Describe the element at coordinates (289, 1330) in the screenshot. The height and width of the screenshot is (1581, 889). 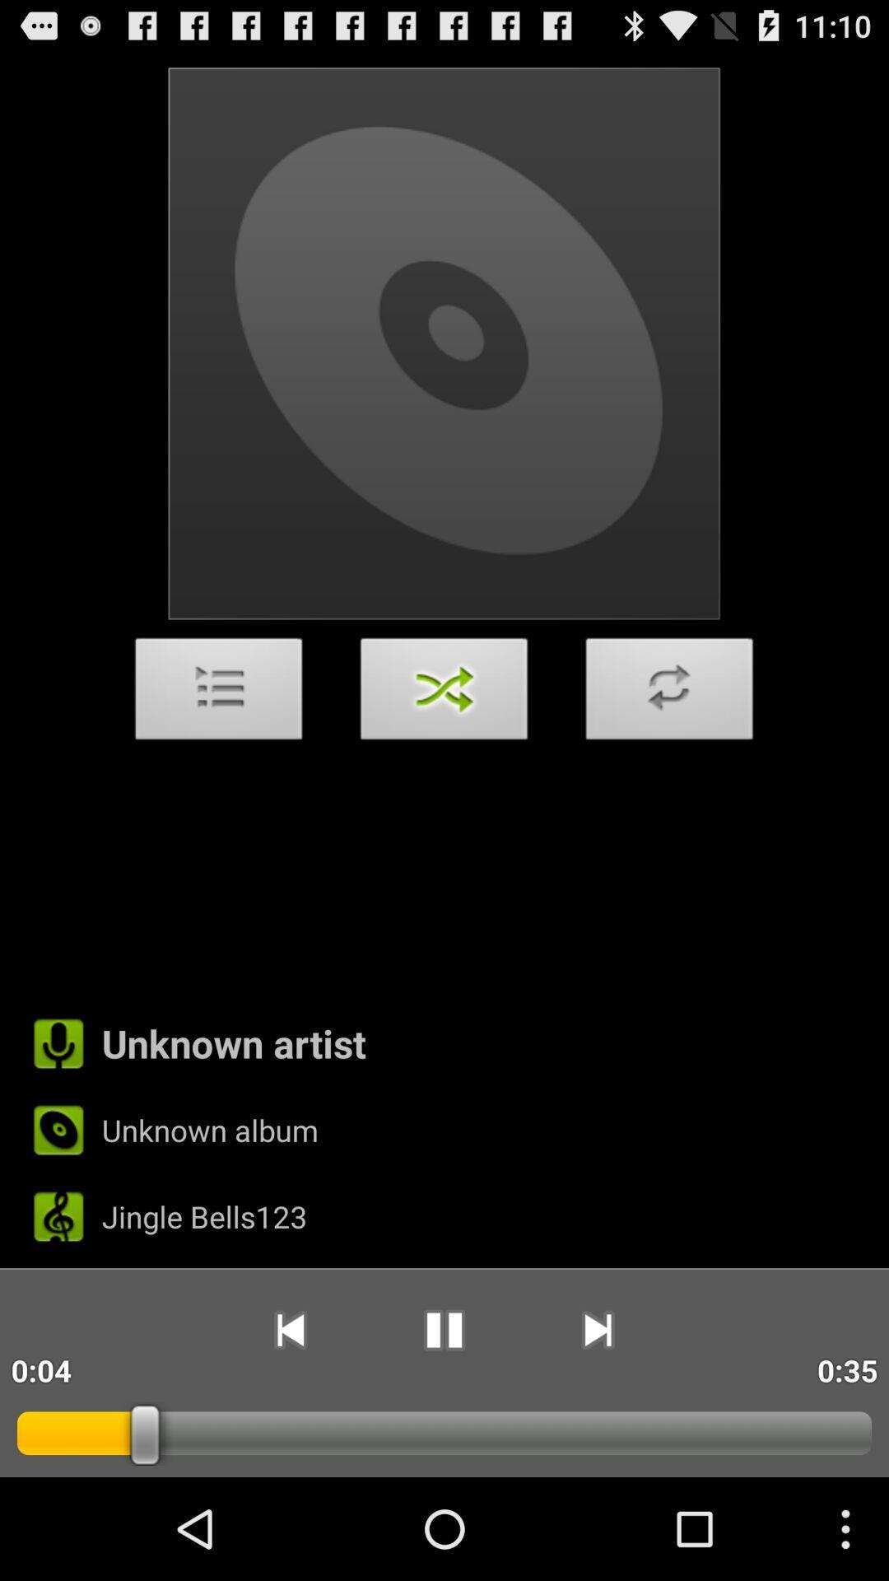
I see `app next to the 0:12 app` at that location.